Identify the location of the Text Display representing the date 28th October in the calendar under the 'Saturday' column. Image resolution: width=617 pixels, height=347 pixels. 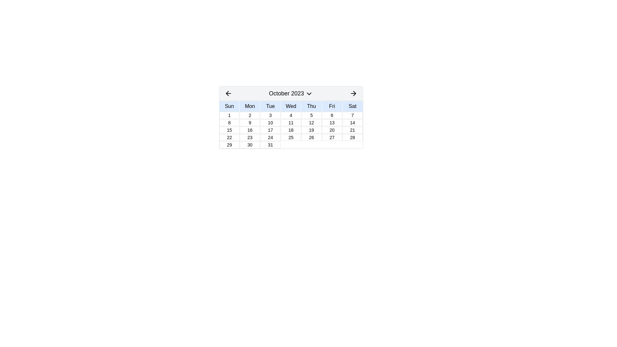
(352, 137).